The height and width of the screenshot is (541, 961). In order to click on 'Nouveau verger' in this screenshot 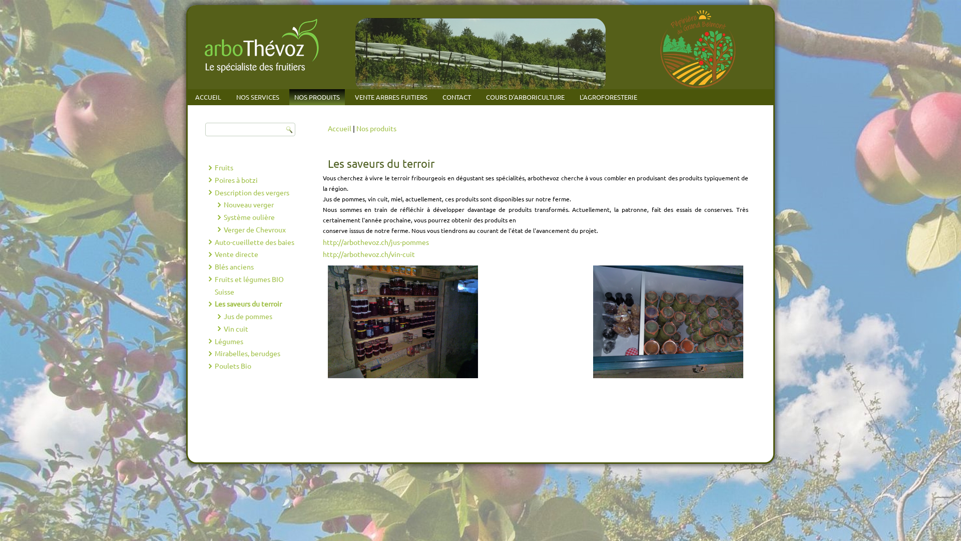, I will do `click(223, 204)`.